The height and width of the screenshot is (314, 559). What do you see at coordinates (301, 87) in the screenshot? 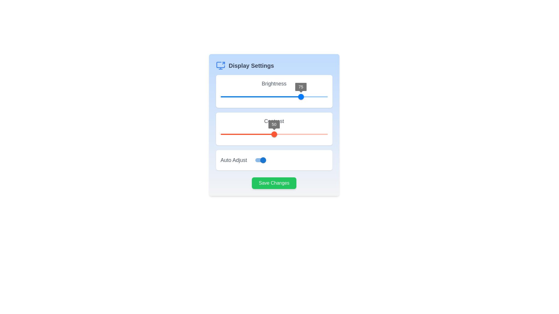
I see `the tooltip displaying the number '75' which is positioned above the slider thumb on the 'Brightness' slider` at bounding box center [301, 87].